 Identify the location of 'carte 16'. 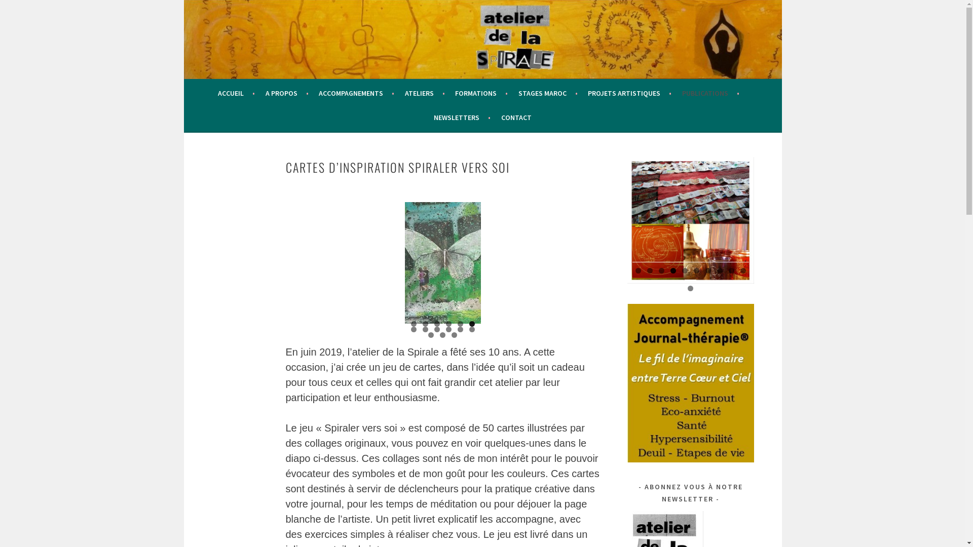
(442, 262).